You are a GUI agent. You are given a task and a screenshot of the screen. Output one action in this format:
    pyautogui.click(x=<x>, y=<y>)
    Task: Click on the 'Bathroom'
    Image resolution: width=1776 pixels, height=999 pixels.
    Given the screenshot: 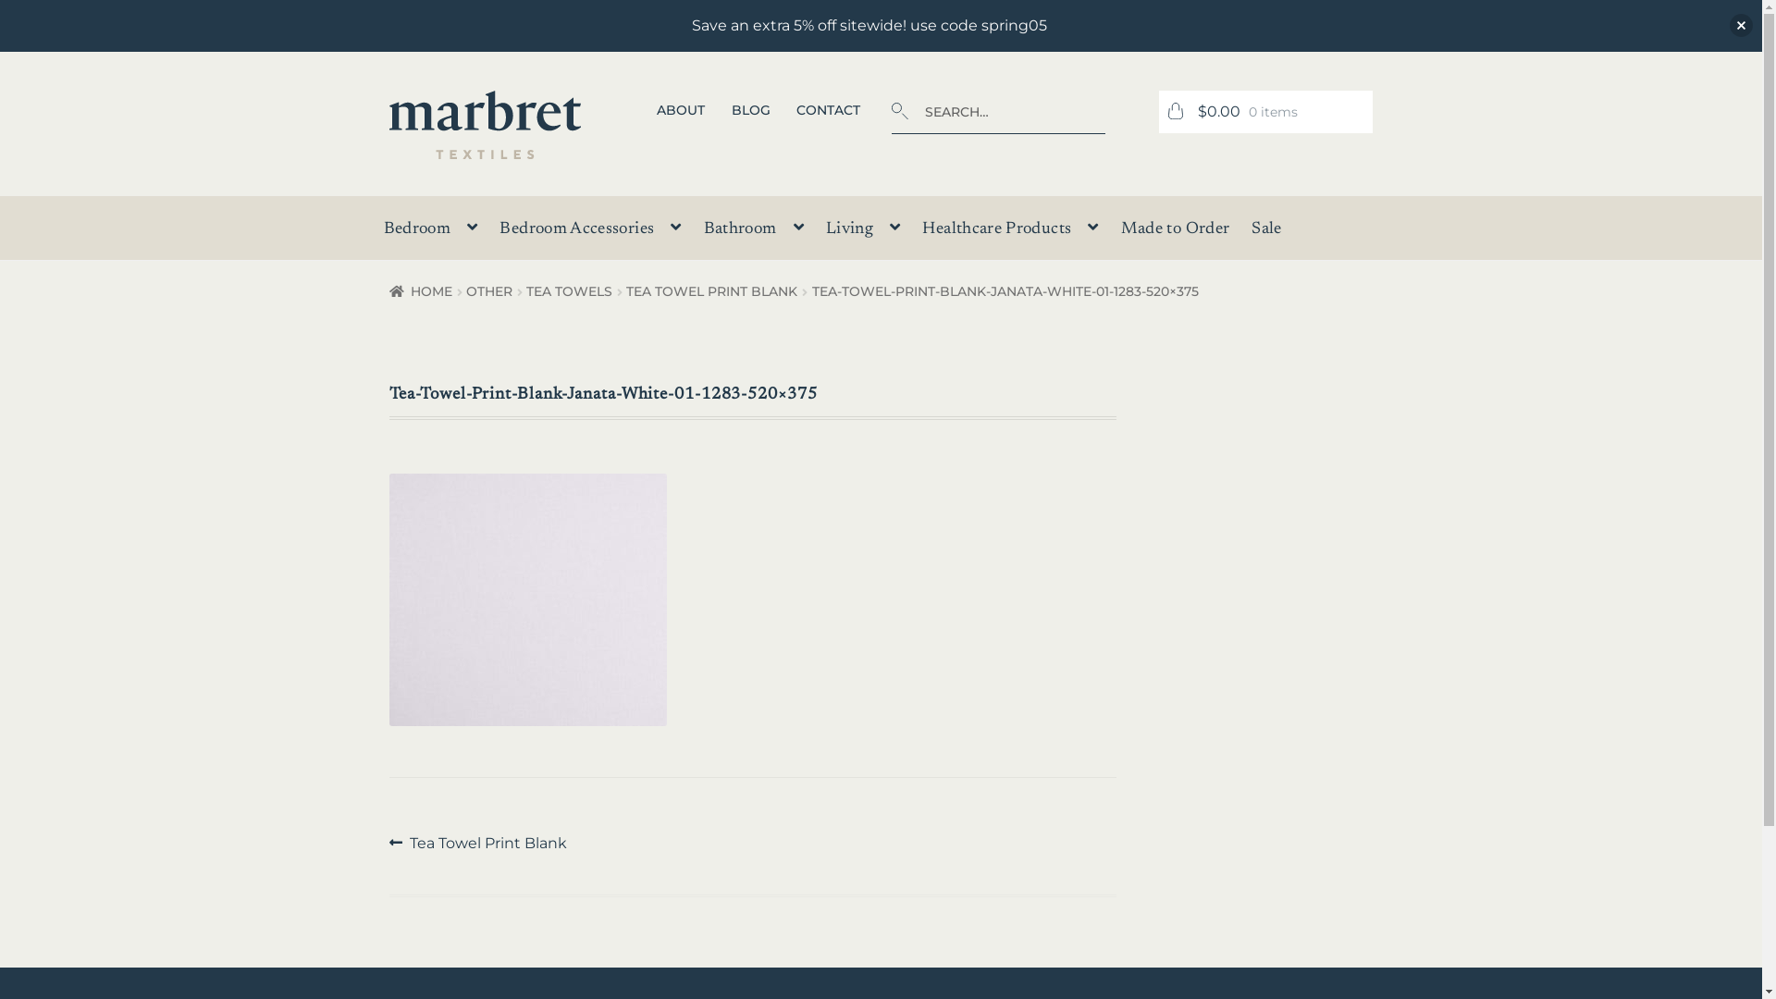 What is the action you would take?
    pyautogui.click(x=693, y=231)
    